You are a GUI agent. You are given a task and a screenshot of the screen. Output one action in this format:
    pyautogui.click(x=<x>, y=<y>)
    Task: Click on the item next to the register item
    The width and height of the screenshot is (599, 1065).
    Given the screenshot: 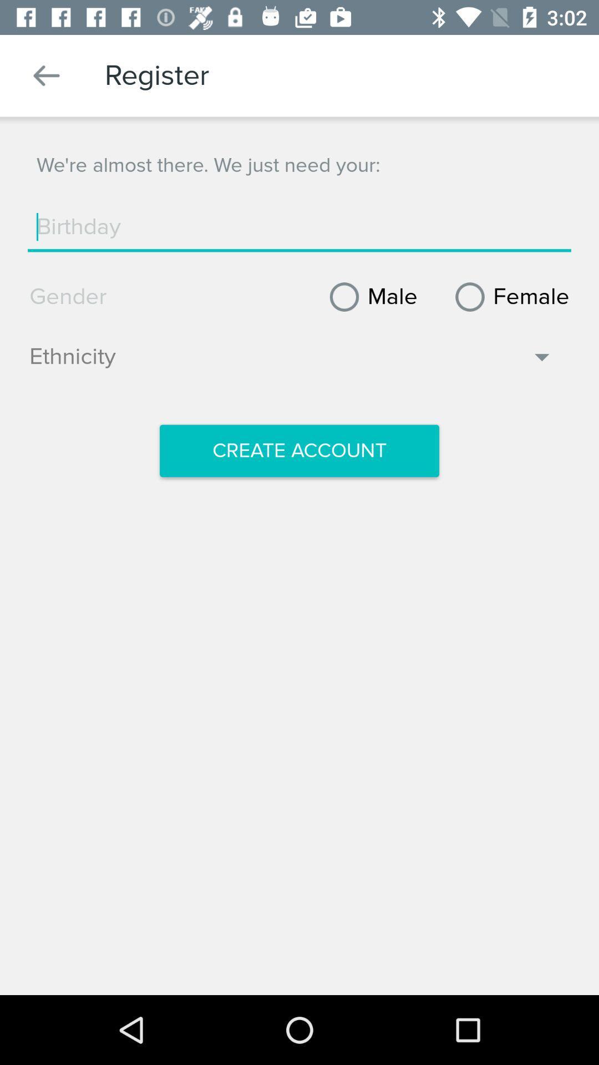 What is the action you would take?
    pyautogui.click(x=46, y=75)
    